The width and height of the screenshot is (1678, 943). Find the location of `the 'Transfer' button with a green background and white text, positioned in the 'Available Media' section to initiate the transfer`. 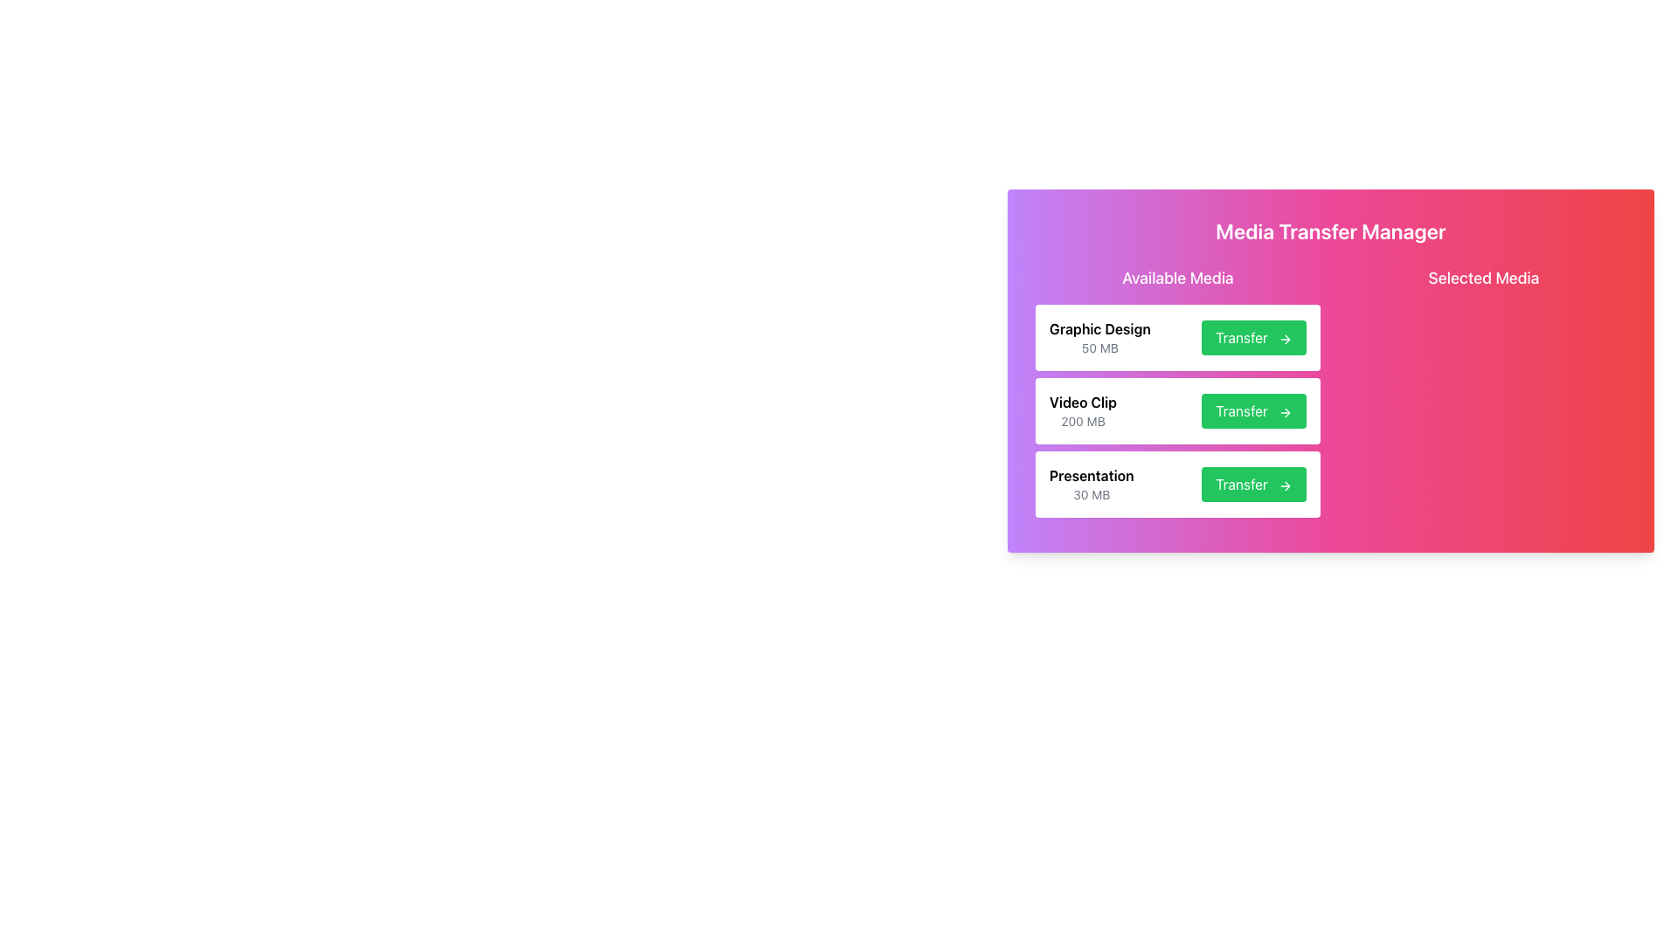

the 'Transfer' button with a green background and white text, positioned in the 'Available Media' section to initiate the transfer is located at coordinates (1253, 410).